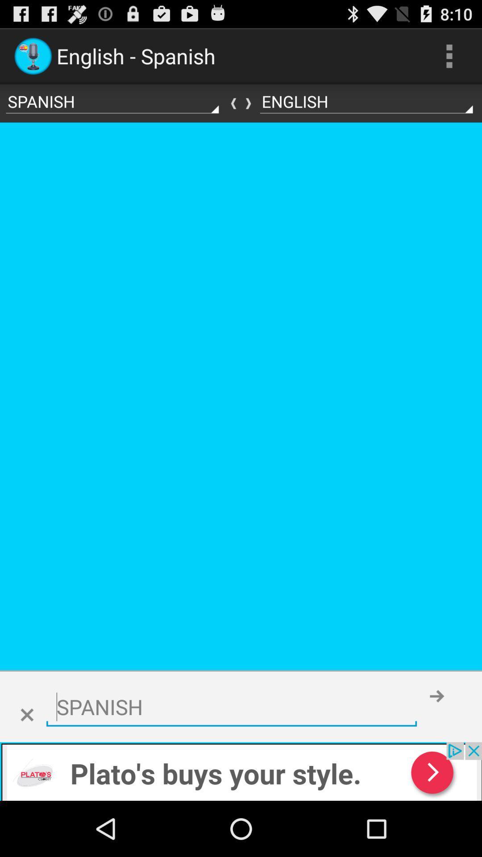 This screenshot has height=857, width=482. I want to click on search, so click(231, 707).